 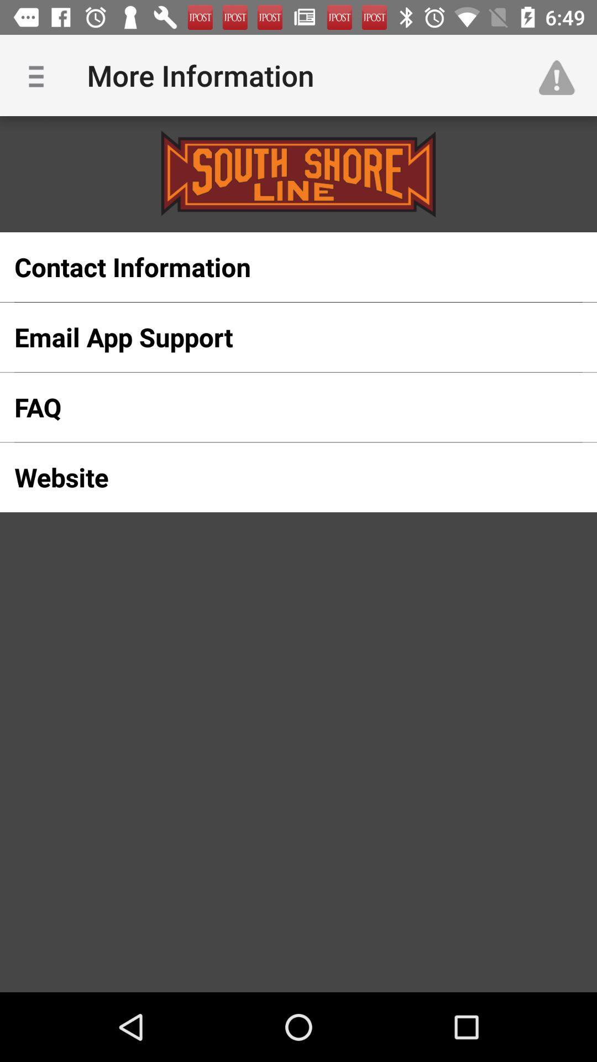 What do you see at coordinates (562, 75) in the screenshot?
I see `icon at the top right corner` at bounding box center [562, 75].